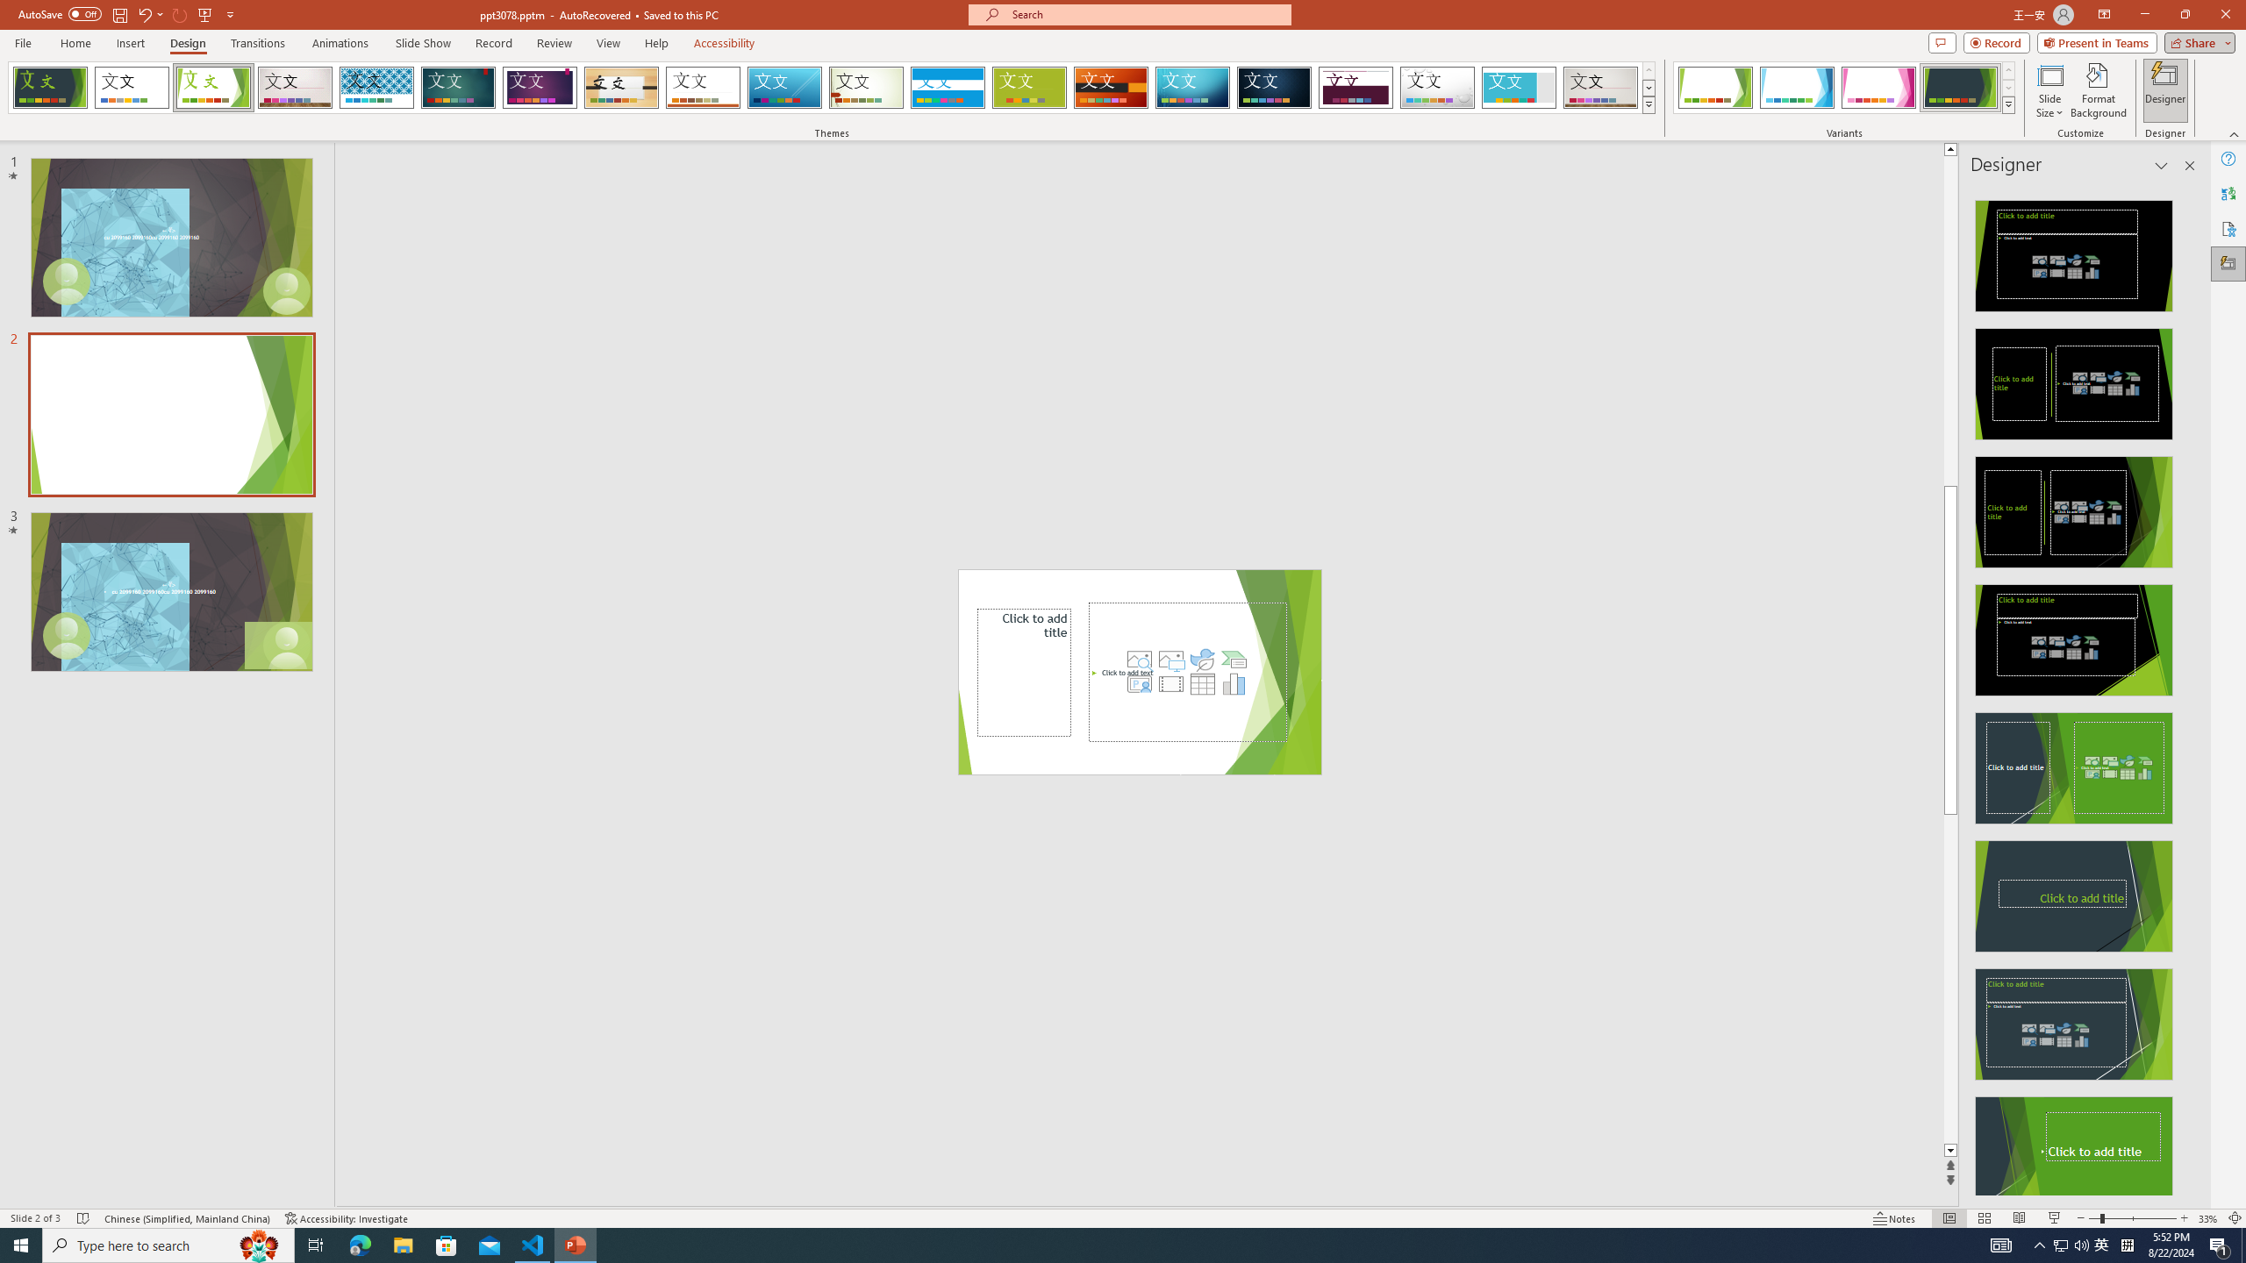 Image resolution: width=2246 pixels, height=1263 pixels. Describe the element at coordinates (2188, 689) in the screenshot. I see `'Class: NetUIScrollBar'` at that location.